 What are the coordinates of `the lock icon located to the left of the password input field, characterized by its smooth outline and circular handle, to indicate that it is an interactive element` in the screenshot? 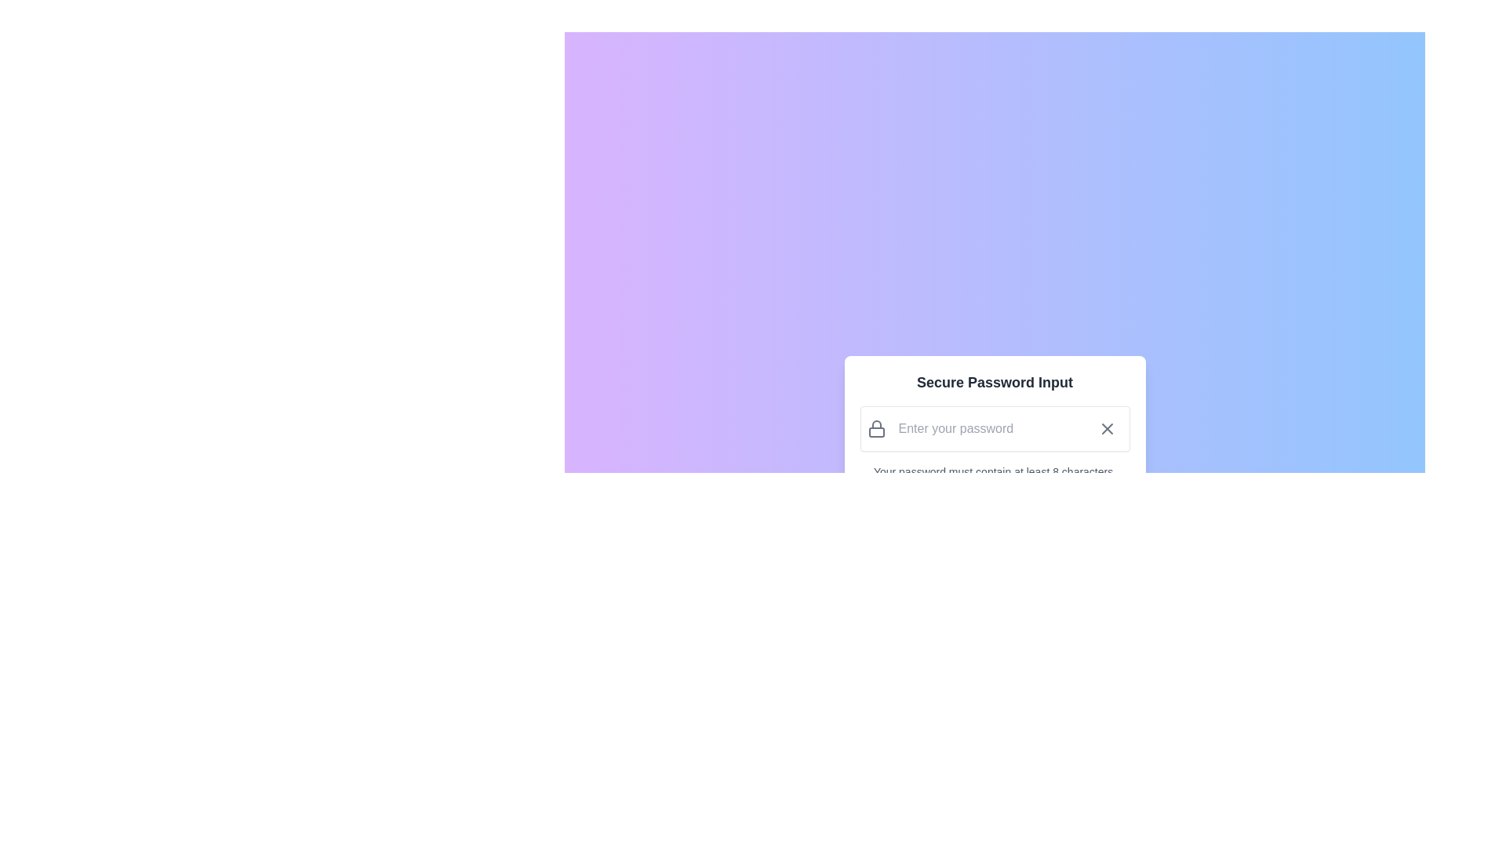 It's located at (875, 429).